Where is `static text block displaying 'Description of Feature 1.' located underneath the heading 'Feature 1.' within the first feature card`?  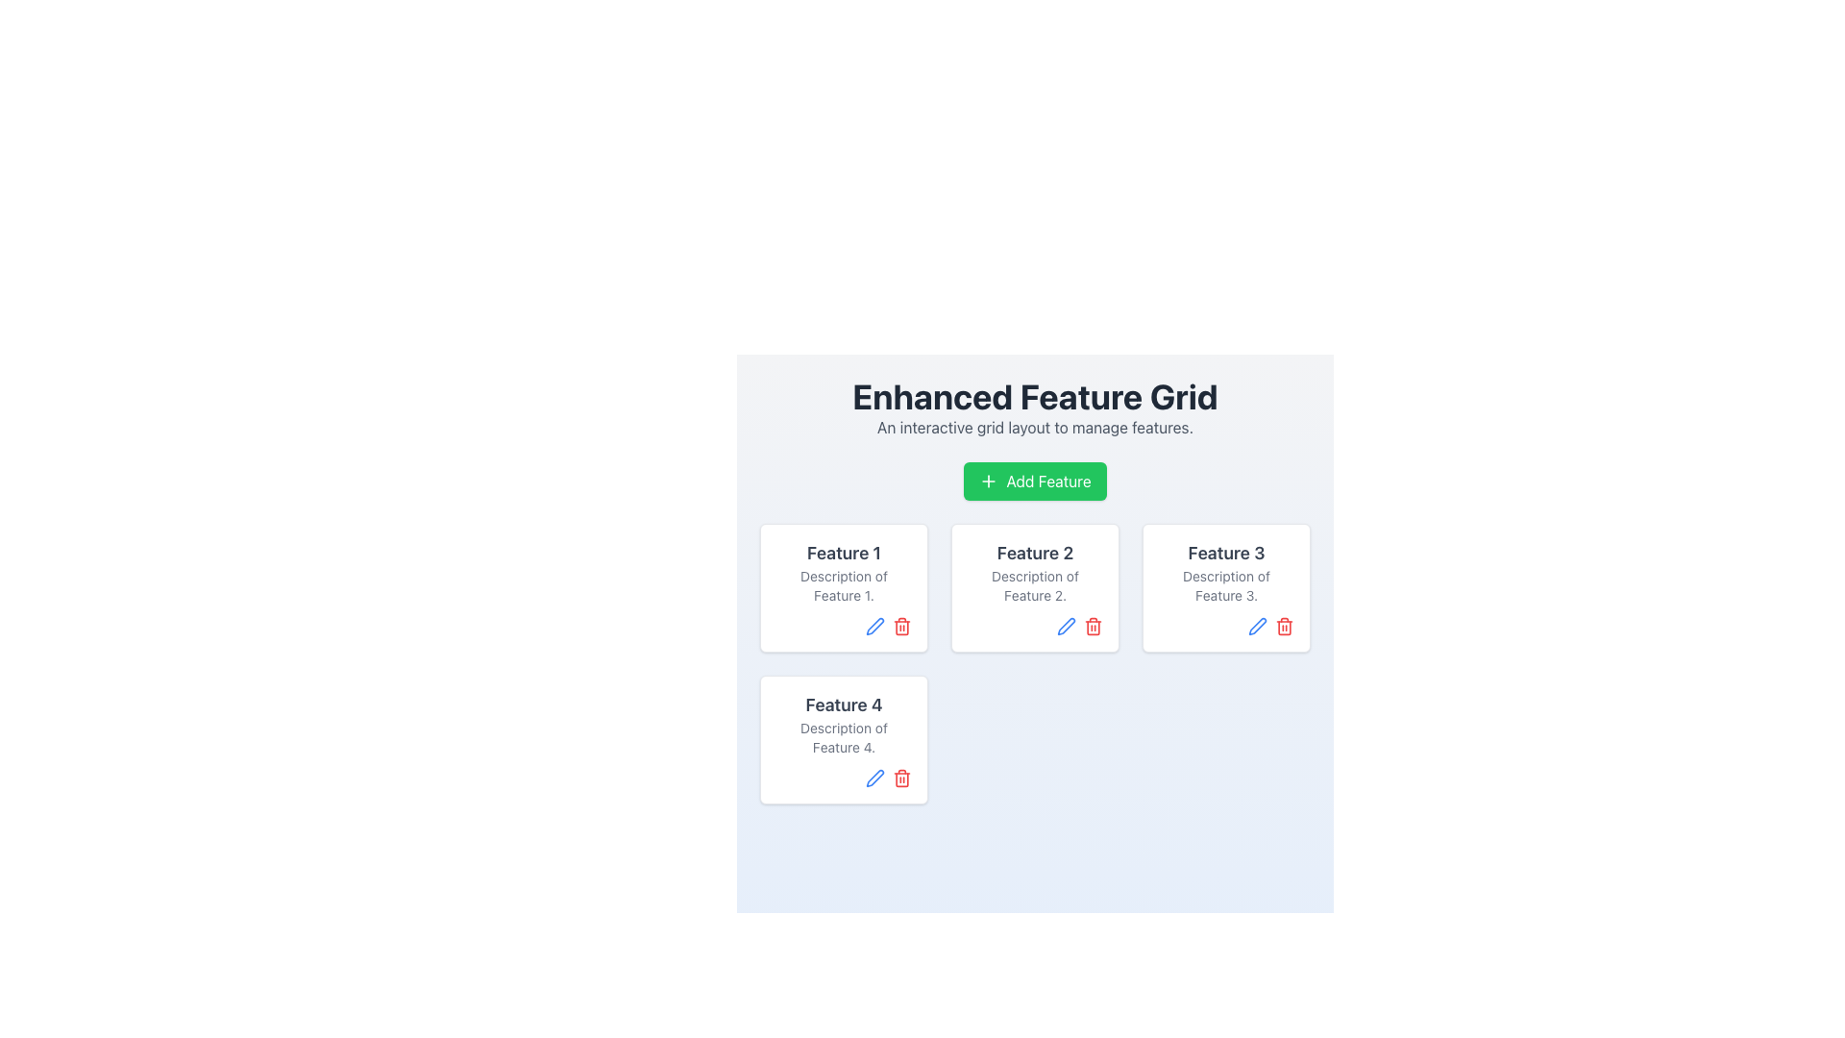 static text block displaying 'Description of Feature 1.' located underneath the heading 'Feature 1.' within the first feature card is located at coordinates (844, 584).